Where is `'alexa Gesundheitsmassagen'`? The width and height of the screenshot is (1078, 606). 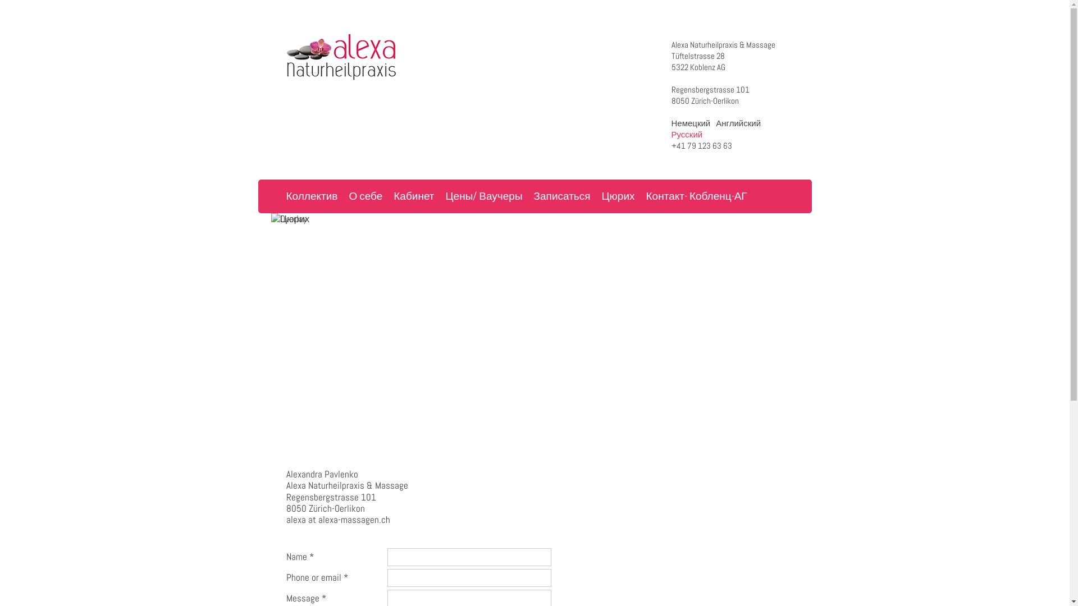
'alexa Gesundheitsmassagen' is located at coordinates (348, 57).